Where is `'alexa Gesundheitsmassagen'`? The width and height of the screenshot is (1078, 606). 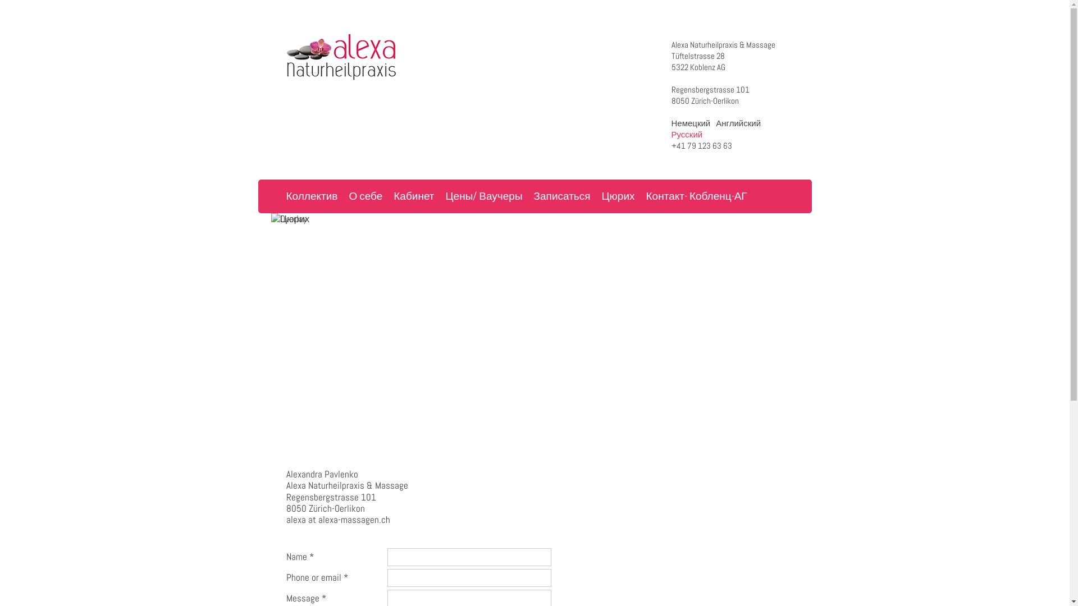
'alexa Gesundheitsmassagen' is located at coordinates (348, 57).